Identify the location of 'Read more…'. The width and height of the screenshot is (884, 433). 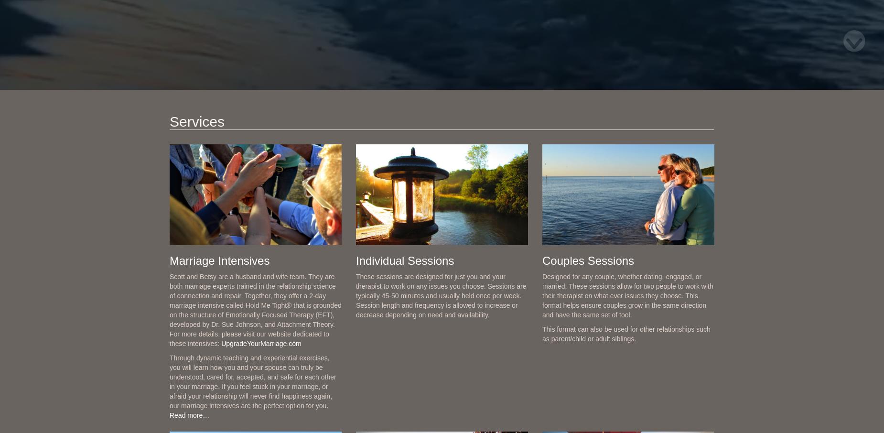
(169, 415).